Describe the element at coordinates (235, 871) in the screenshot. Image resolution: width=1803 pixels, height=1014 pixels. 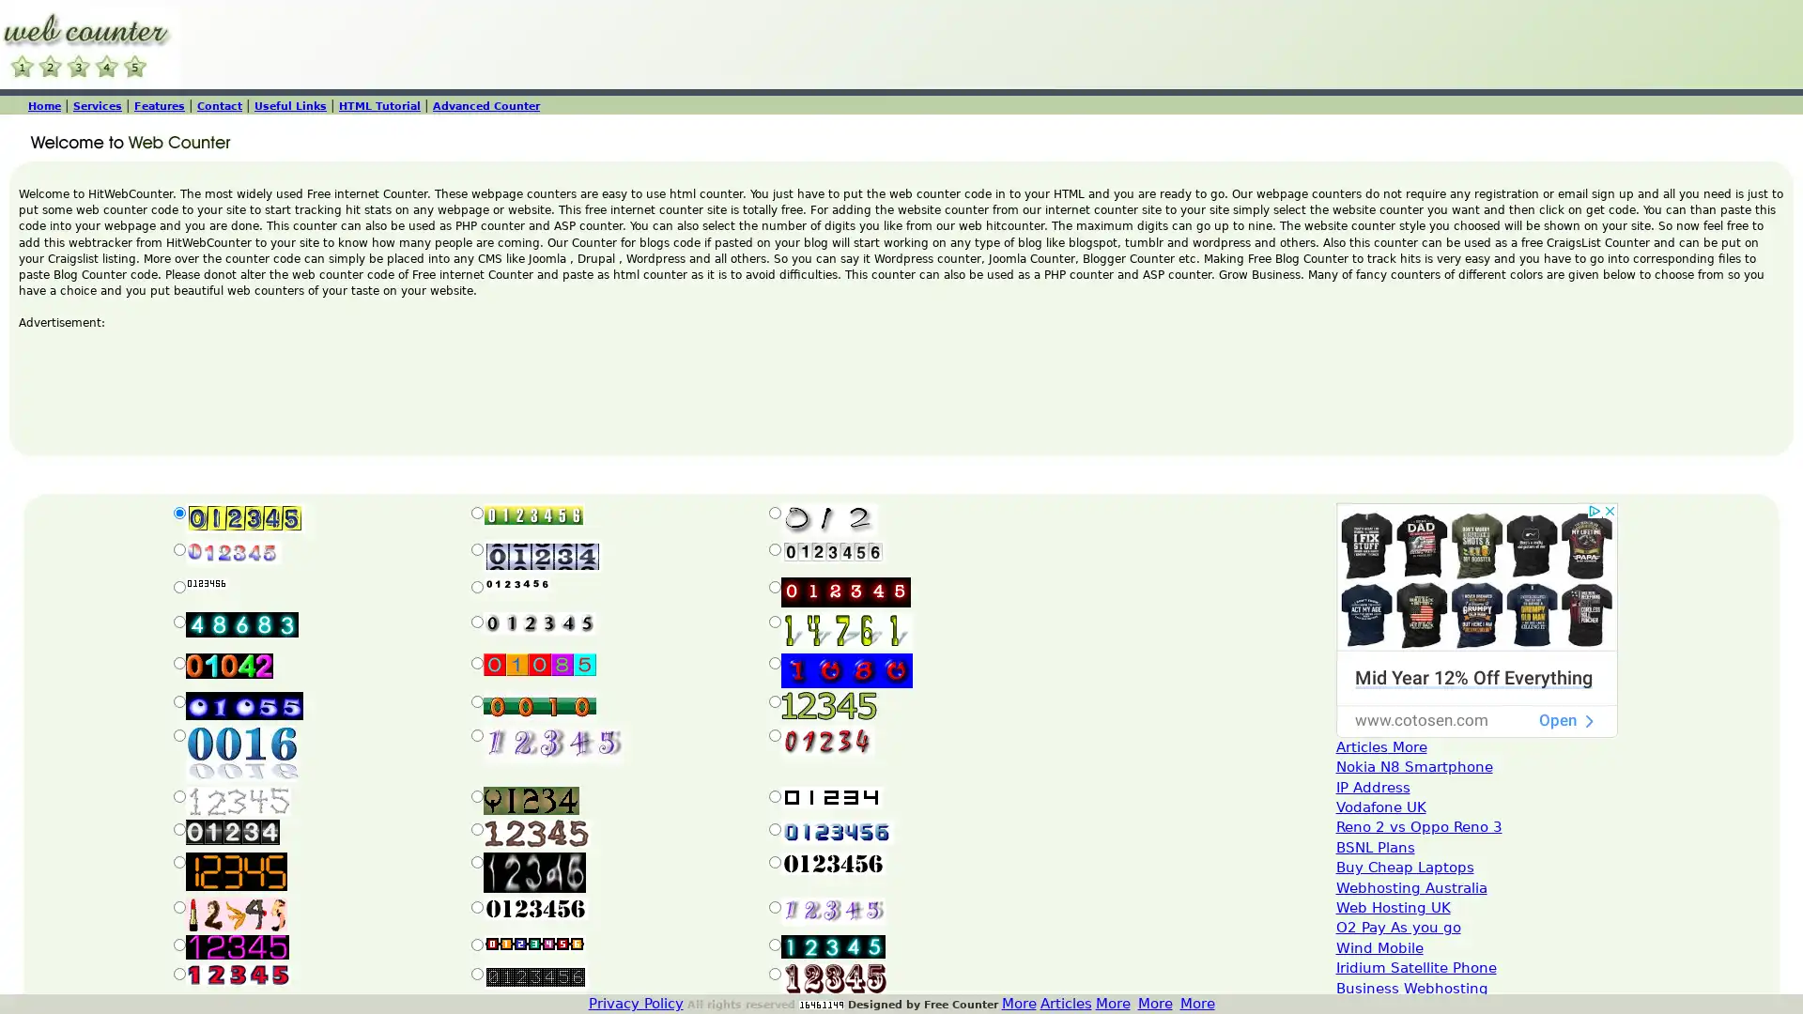
I see `Submit` at that location.